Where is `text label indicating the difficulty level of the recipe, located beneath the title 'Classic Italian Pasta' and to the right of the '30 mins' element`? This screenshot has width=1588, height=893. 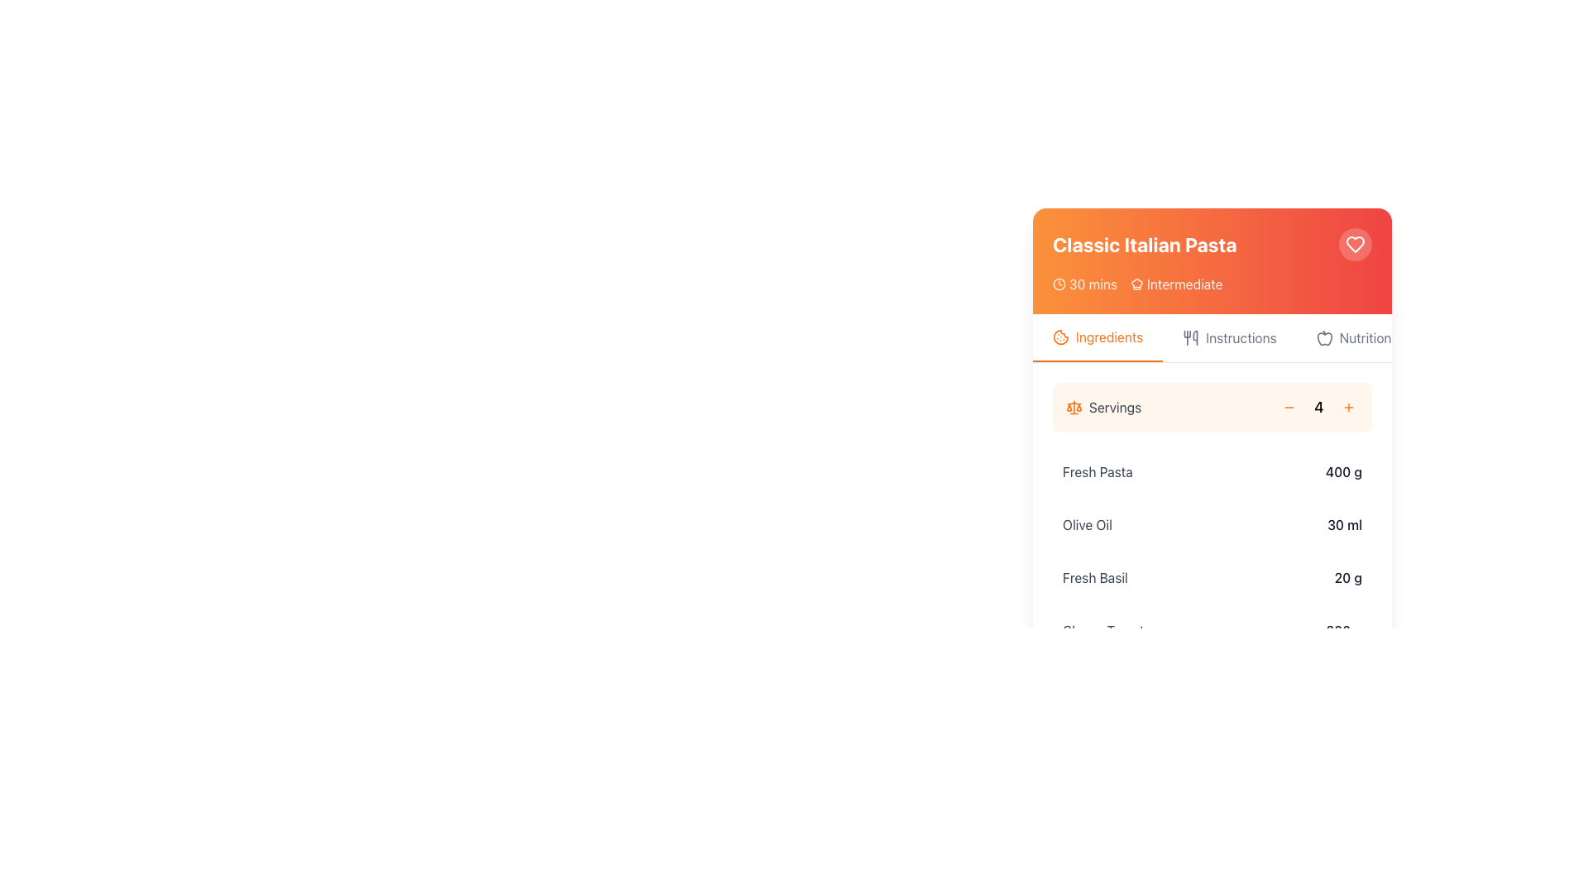 text label indicating the difficulty level of the recipe, located beneath the title 'Classic Italian Pasta' and to the right of the '30 mins' element is located at coordinates (1175, 283).